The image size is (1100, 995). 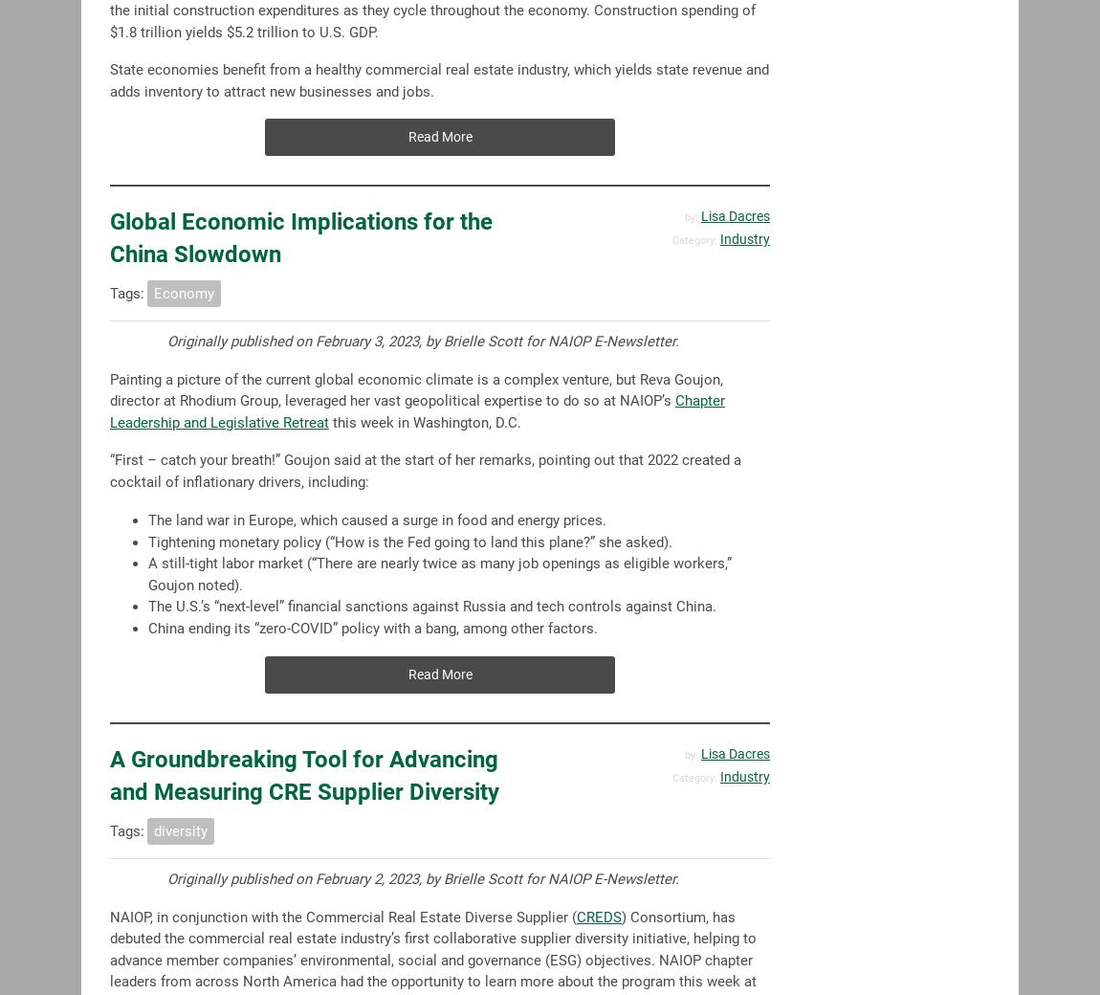 I want to click on 'Painting a picture of the current global economic climate is a complex venture, but Reva Goujon, director at Rhodium Group, leveraged her vast geopolitical expertise to do so at NAIOP’s', so click(x=416, y=389).